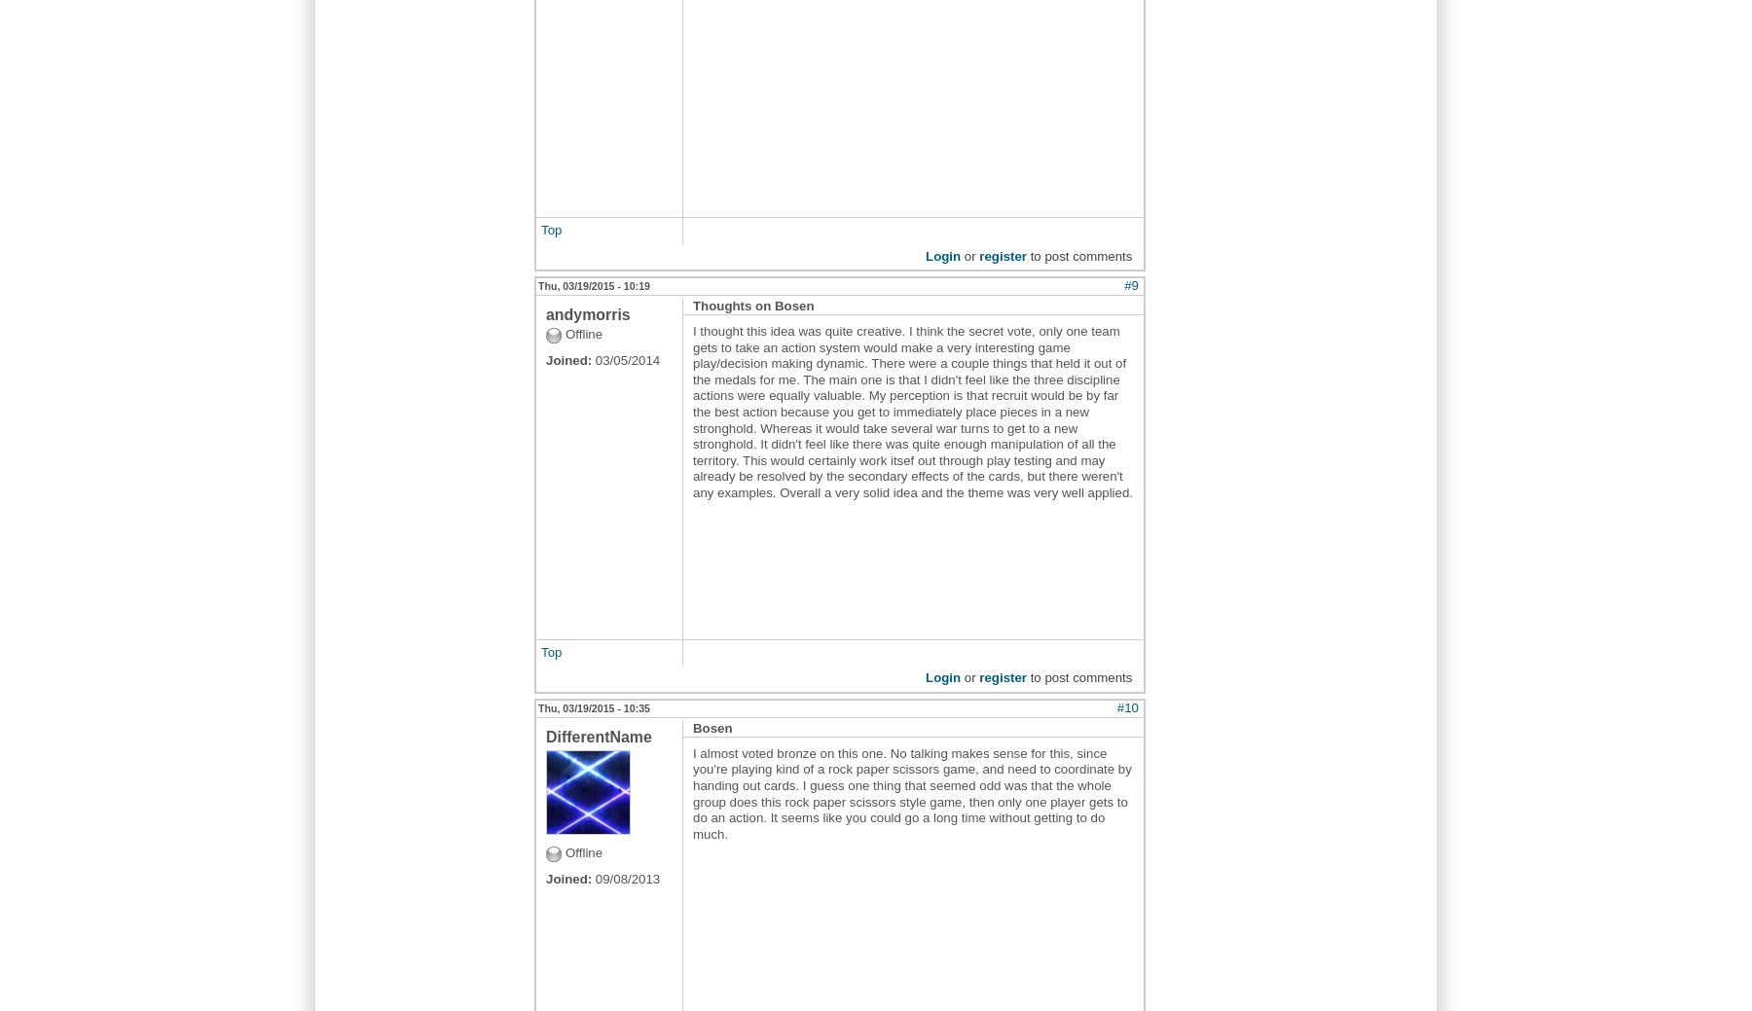 This screenshot has height=1011, width=1752. Describe the element at coordinates (588, 313) in the screenshot. I see `'andymorris'` at that location.